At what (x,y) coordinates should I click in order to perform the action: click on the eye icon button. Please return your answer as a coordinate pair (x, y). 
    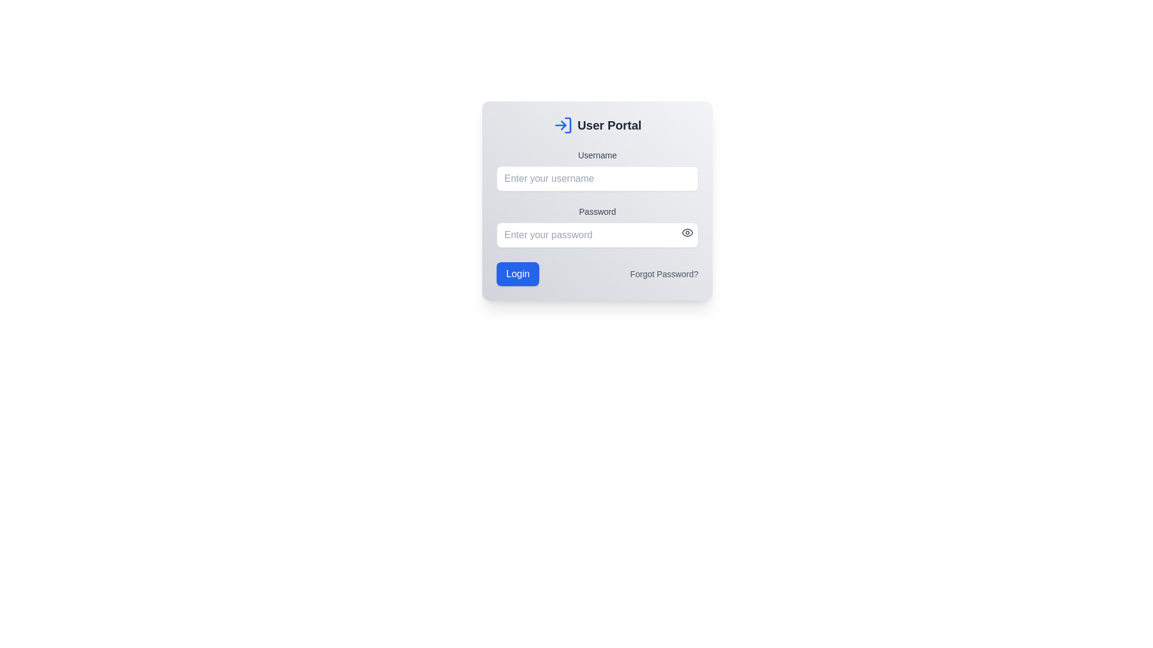
    Looking at the image, I should click on (688, 233).